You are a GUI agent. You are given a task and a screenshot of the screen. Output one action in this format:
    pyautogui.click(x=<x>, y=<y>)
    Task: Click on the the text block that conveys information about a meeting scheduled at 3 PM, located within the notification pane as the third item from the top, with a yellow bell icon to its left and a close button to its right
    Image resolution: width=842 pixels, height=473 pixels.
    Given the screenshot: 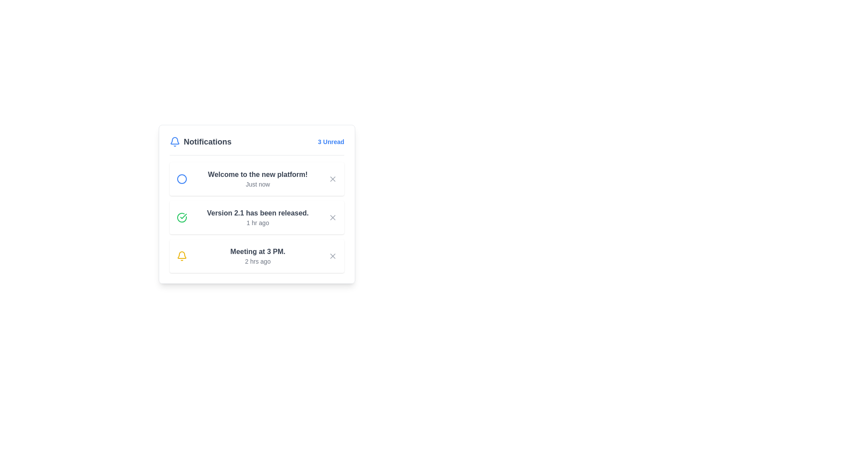 What is the action you would take?
    pyautogui.click(x=257, y=256)
    